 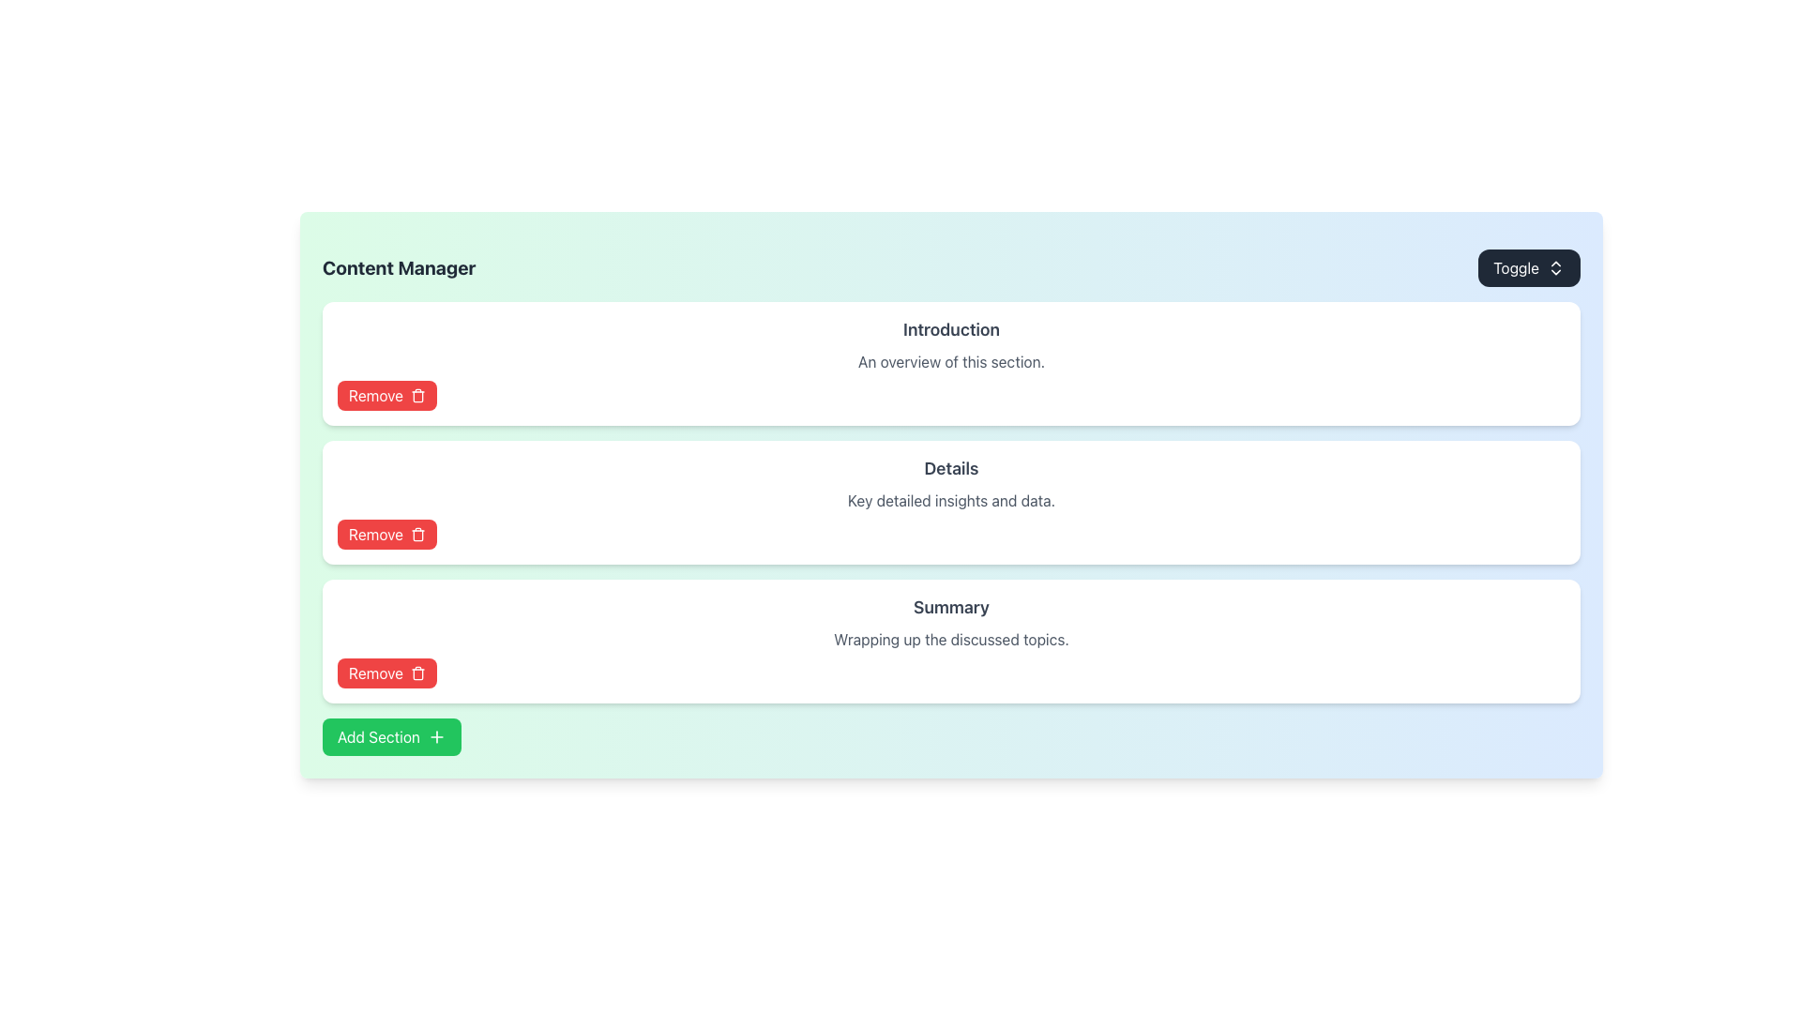 I want to click on the text element displaying 'Wrapping up the discussed topics.', so click(x=951, y=639).